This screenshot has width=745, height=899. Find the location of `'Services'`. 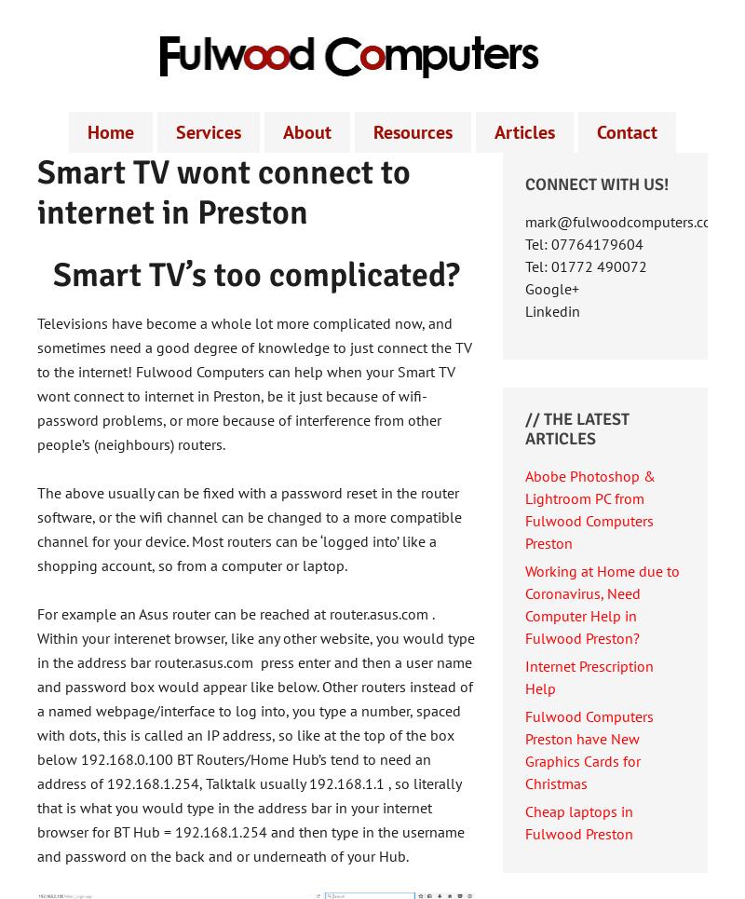

'Services' is located at coordinates (209, 132).